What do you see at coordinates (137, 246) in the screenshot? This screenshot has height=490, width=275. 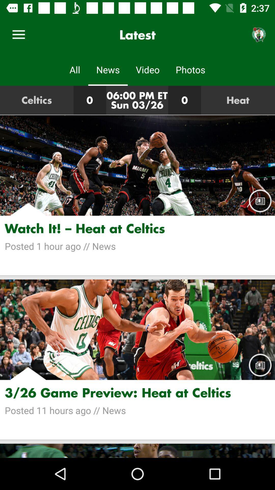 I see `the posted 1 hour item` at bounding box center [137, 246].